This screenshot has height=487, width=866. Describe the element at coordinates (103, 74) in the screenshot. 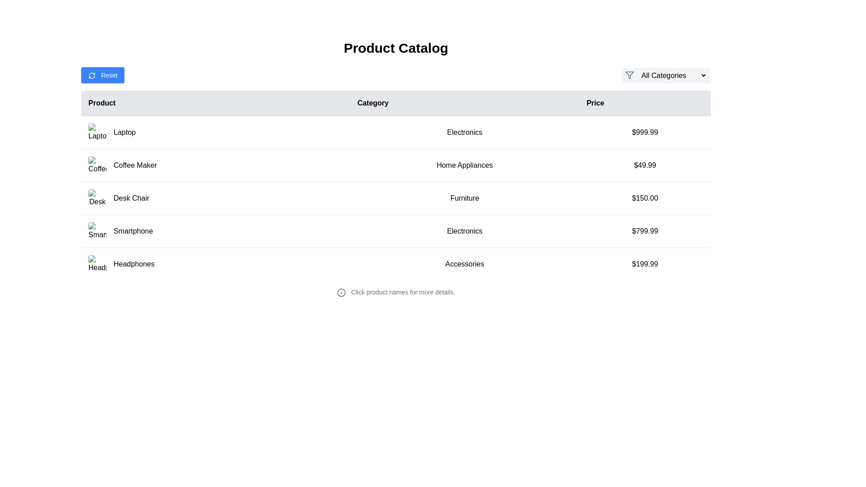

I see `the 'Reset' button located at the top left of the header, which features a blue background and white text with a refresh icon` at that location.